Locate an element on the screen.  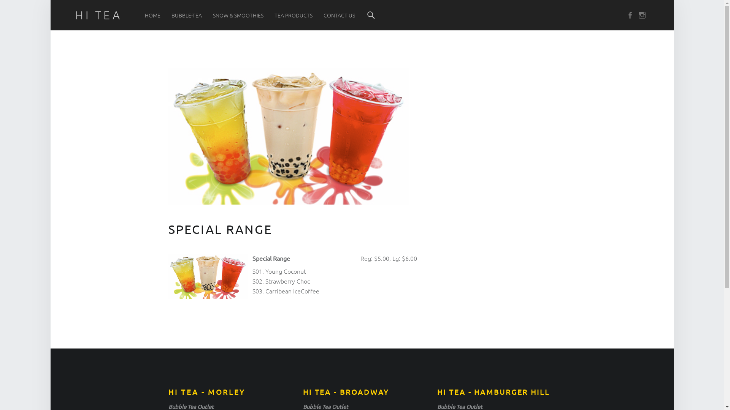
'SNOW & SMOOTHIES' is located at coordinates (238, 15).